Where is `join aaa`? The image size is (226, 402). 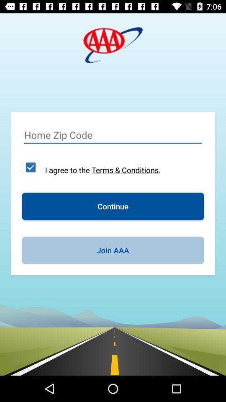
join aaa is located at coordinates (113, 250).